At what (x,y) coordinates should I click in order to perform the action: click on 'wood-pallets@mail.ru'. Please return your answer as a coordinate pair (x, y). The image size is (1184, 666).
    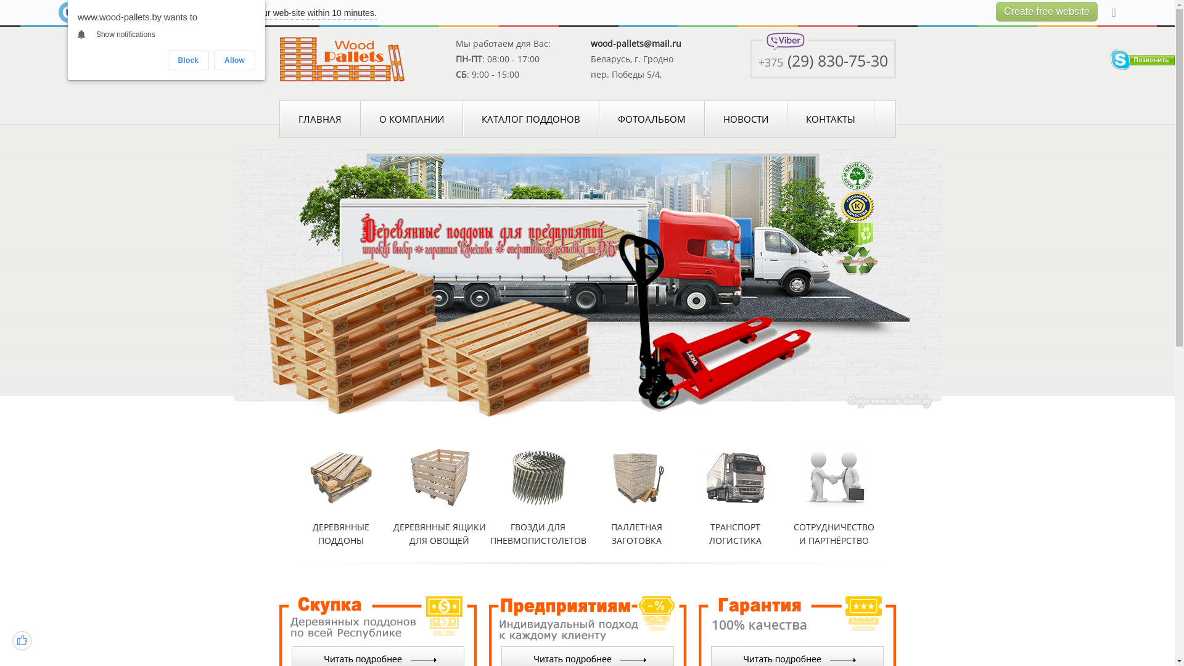
    Looking at the image, I should click on (590, 43).